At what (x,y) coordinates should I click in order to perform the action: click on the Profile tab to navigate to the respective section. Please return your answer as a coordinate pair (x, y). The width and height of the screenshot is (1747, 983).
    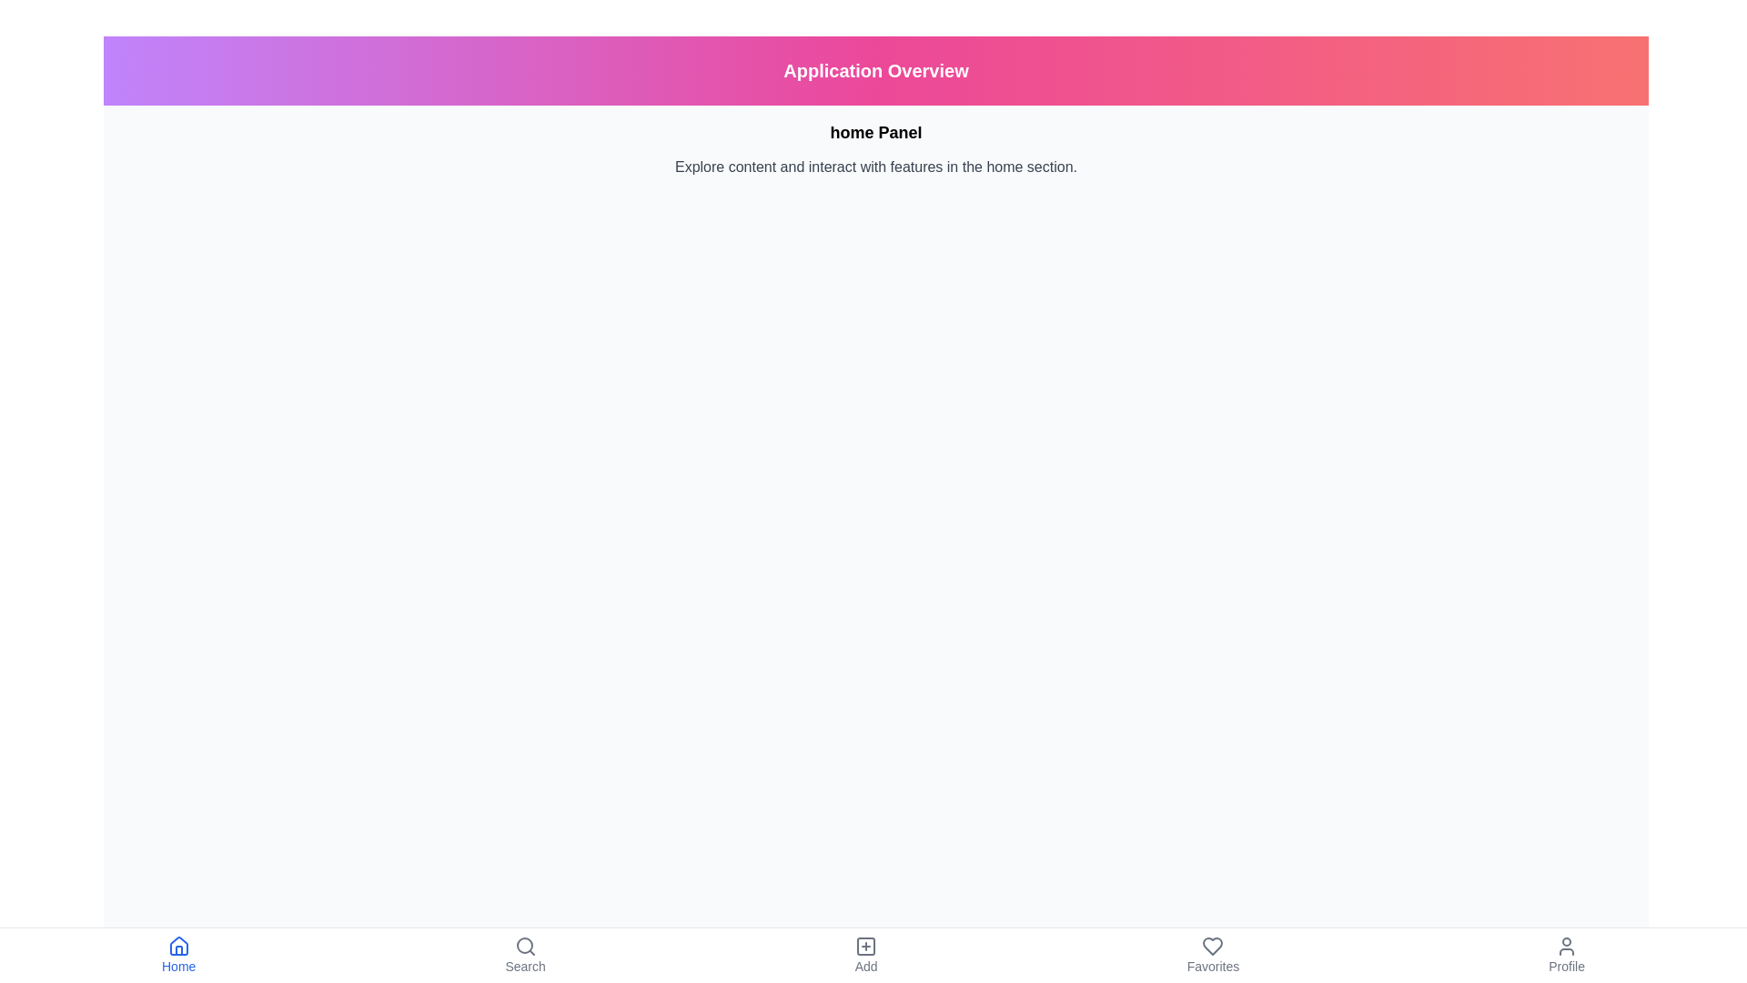
    Looking at the image, I should click on (1566, 954).